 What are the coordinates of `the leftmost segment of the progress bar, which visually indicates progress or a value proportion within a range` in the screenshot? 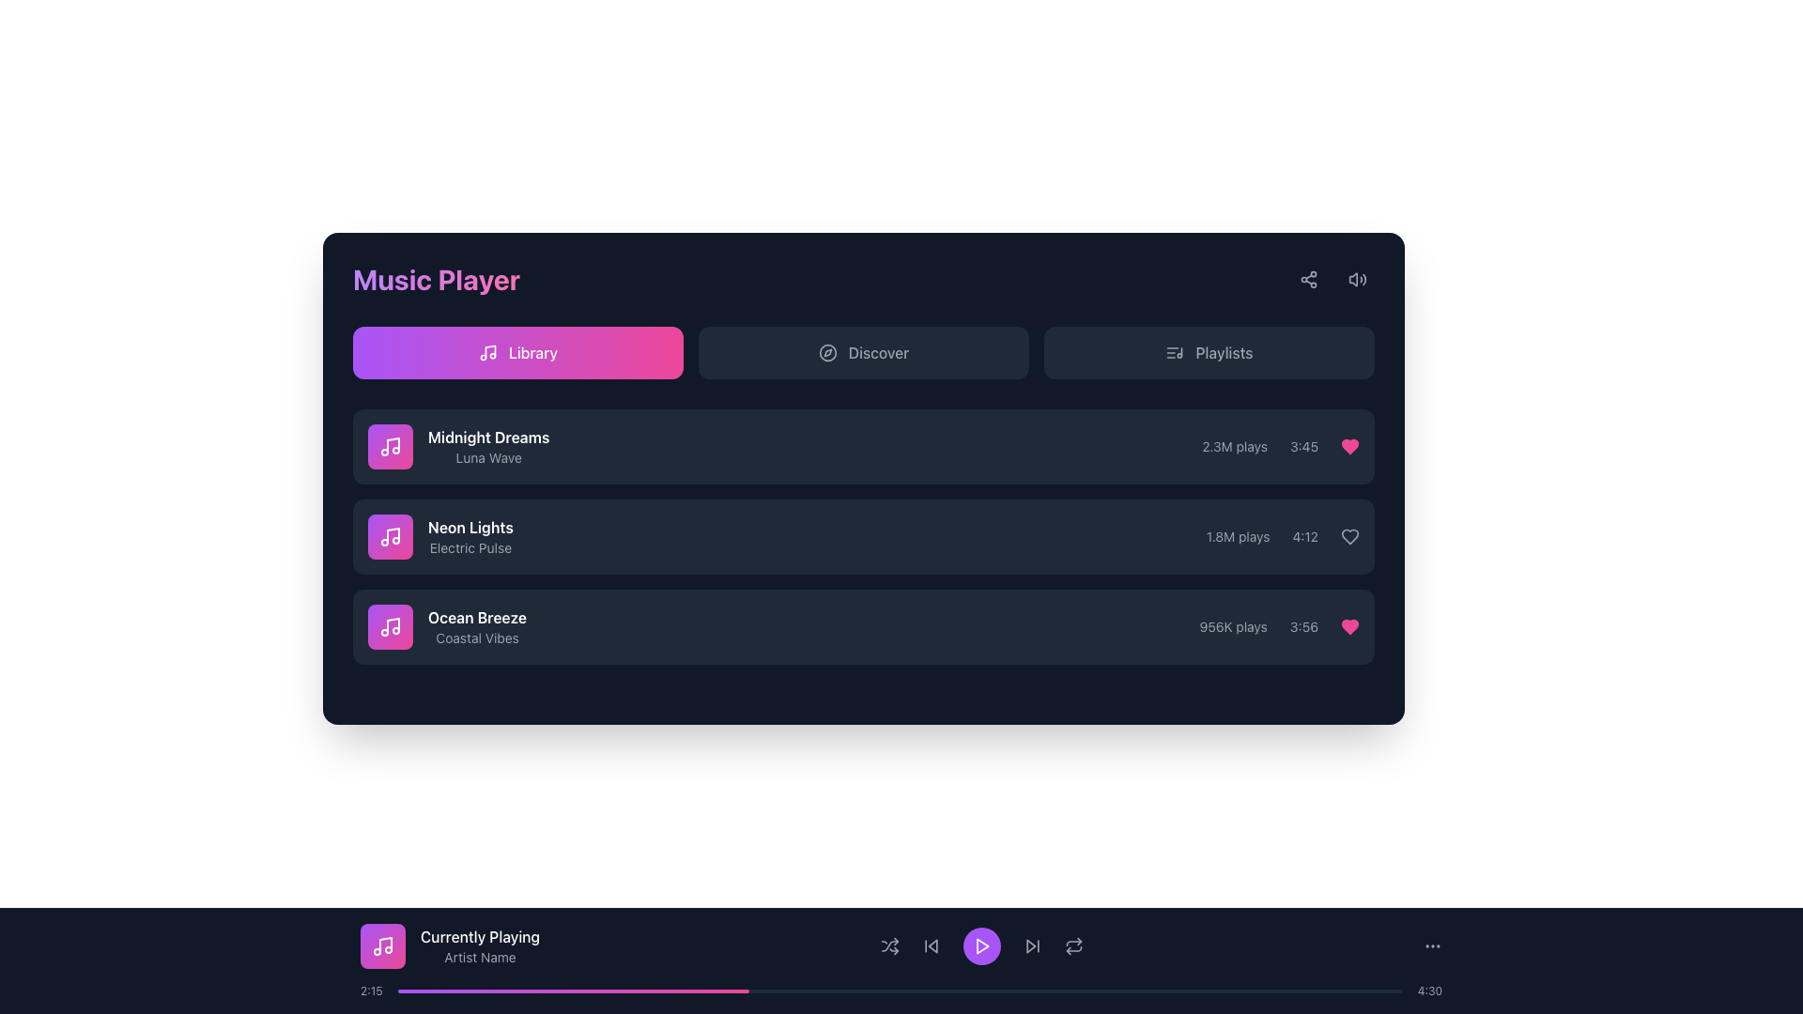 It's located at (572, 991).